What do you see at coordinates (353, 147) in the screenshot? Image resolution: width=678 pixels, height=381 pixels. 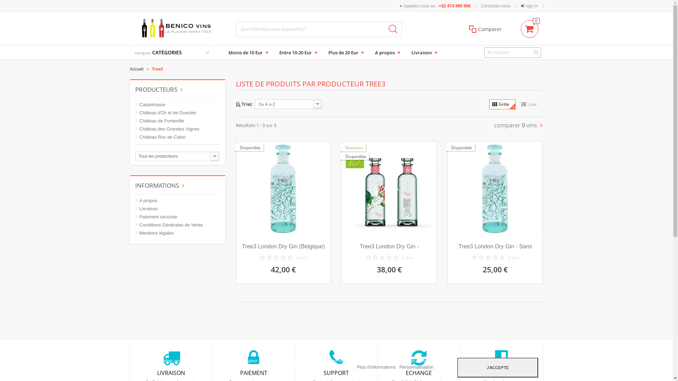 I see `'Nouveau'` at bounding box center [353, 147].